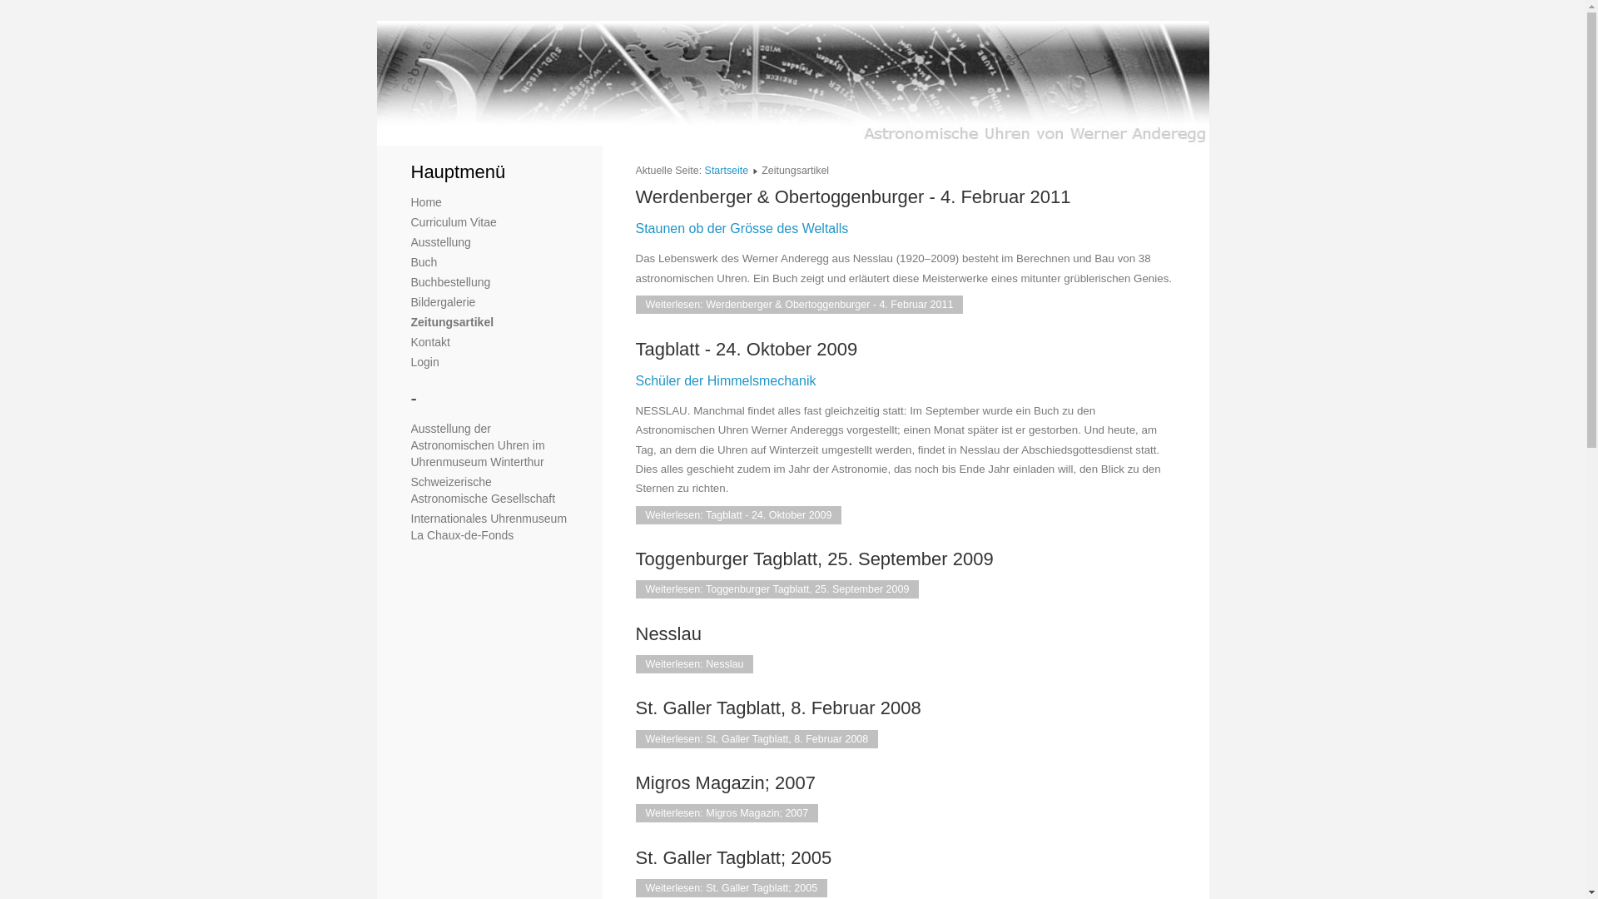 The height and width of the screenshot is (899, 1598). I want to click on 'Nesslau', so click(668, 633).